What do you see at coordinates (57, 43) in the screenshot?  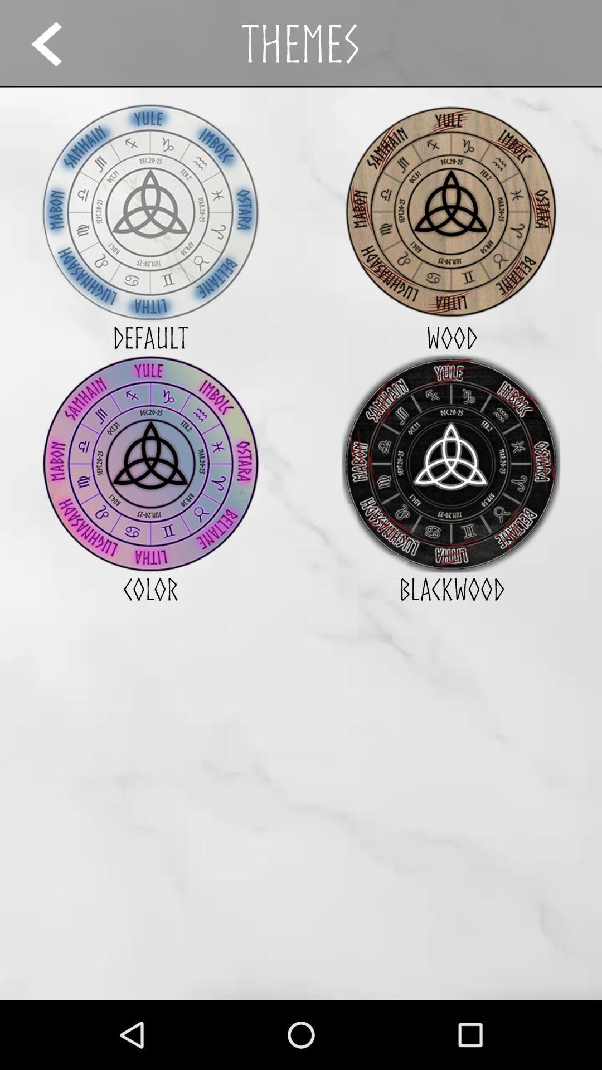 I see `go back` at bounding box center [57, 43].